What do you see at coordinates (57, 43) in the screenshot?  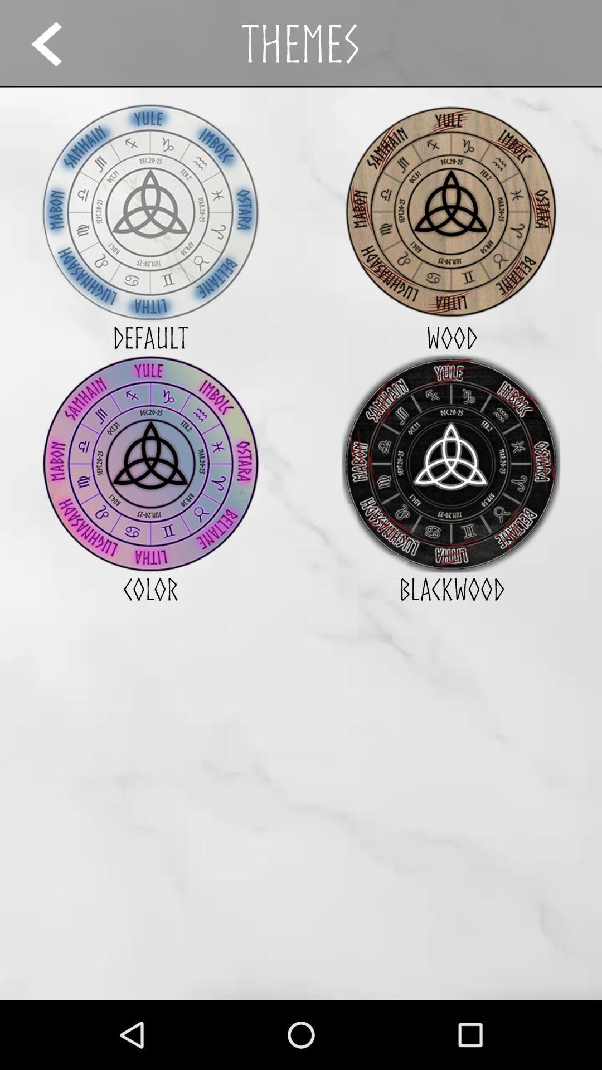 I see `go back` at bounding box center [57, 43].